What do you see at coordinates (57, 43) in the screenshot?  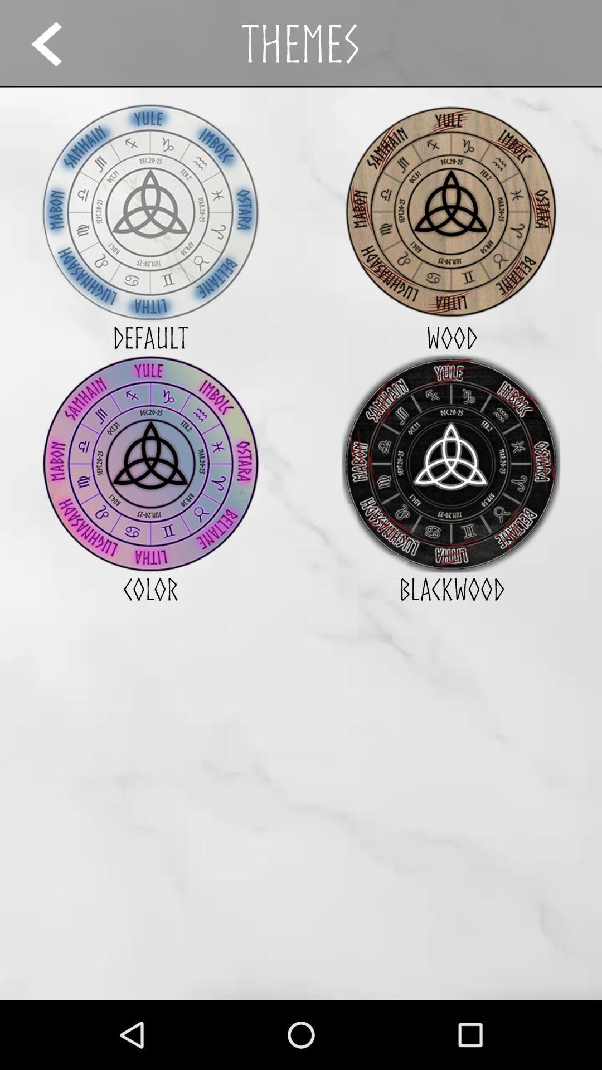 I see `go back` at bounding box center [57, 43].